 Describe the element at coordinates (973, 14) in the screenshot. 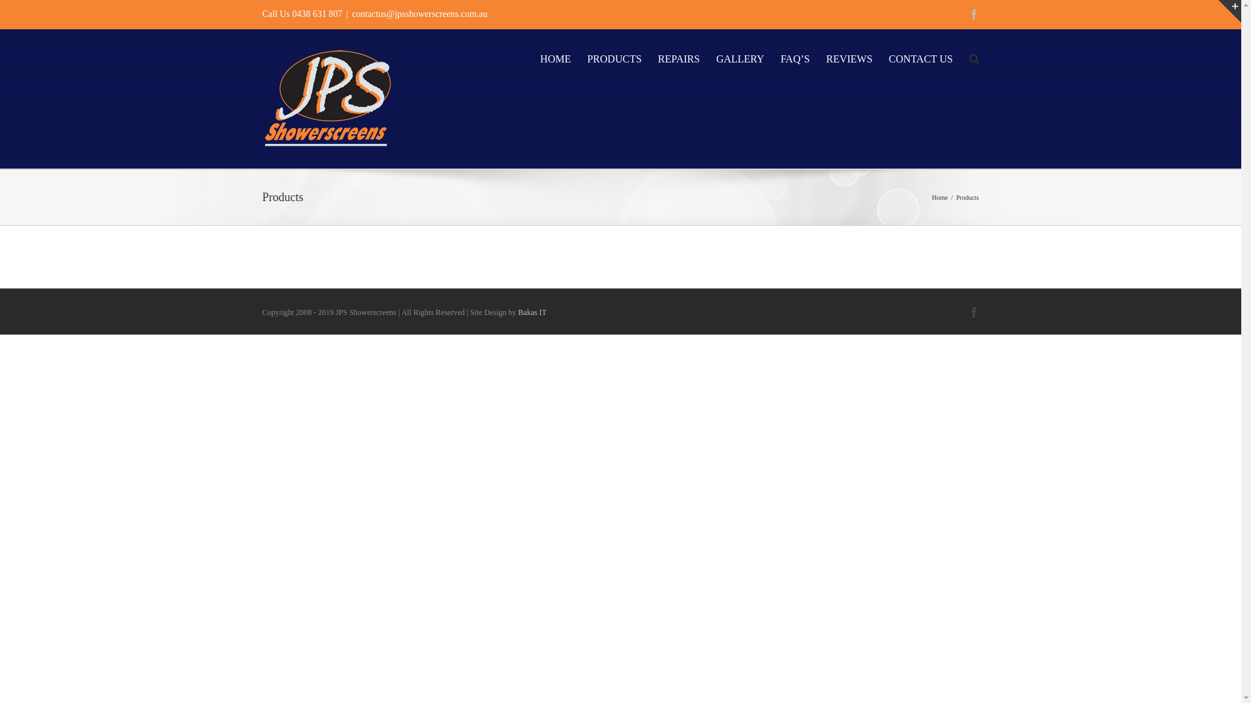

I see `'Facebook'` at that location.